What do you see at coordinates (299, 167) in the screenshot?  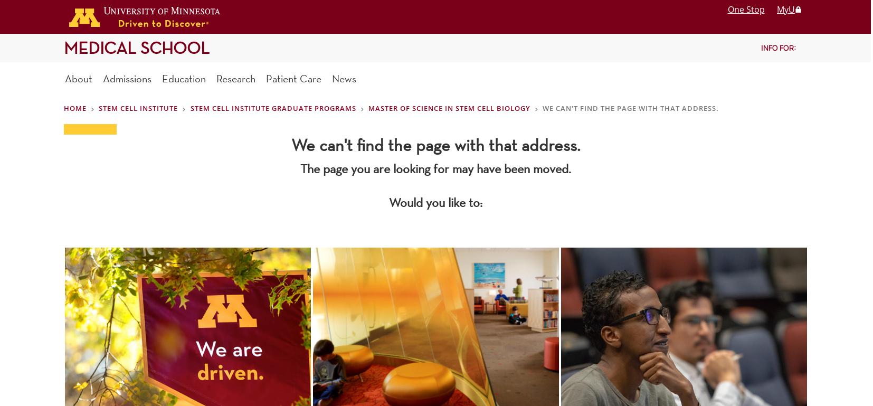 I see `'The page you are looking for may have been moved.'` at bounding box center [299, 167].